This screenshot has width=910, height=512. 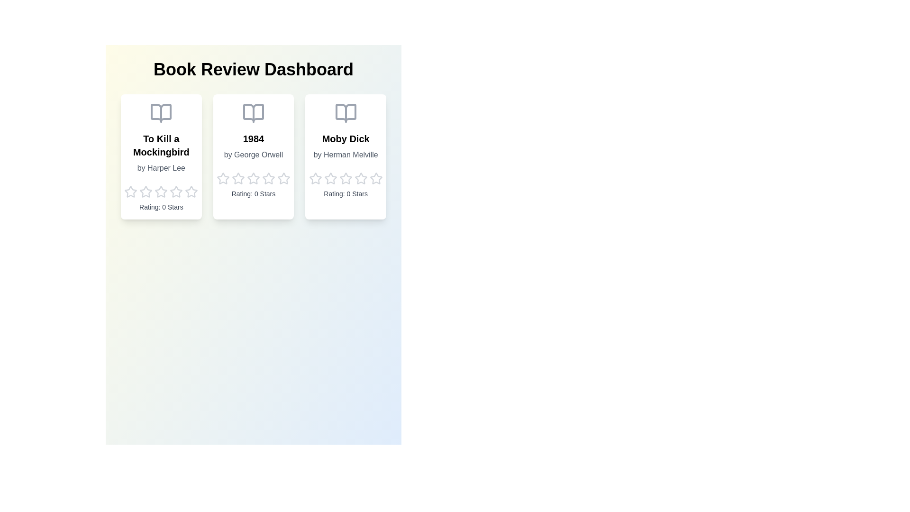 What do you see at coordinates (345, 179) in the screenshot?
I see `the star icon corresponding to the rating 3 for the book 3` at bounding box center [345, 179].